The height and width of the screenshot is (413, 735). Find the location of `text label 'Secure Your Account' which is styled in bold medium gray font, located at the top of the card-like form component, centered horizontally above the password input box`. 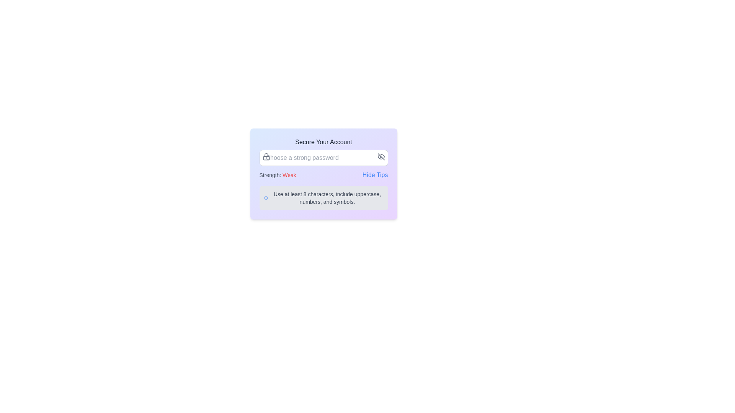

text label 'Secure Your Account' which is styled in bold medium gray font, located at the top of the card-like form component, centered horizontally above the password input box is located at coordinates (323, 142).